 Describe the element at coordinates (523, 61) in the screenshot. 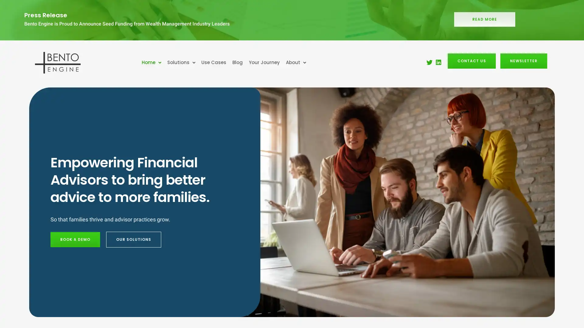

I see `NEWSLETTER` at that location.